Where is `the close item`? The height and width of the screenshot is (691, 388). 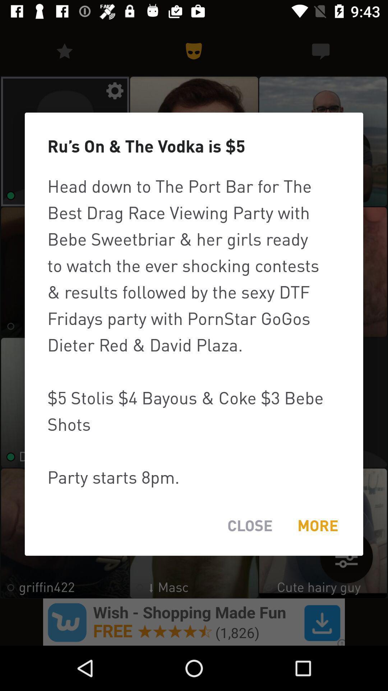 the close item is located at coordinates (249, 525).